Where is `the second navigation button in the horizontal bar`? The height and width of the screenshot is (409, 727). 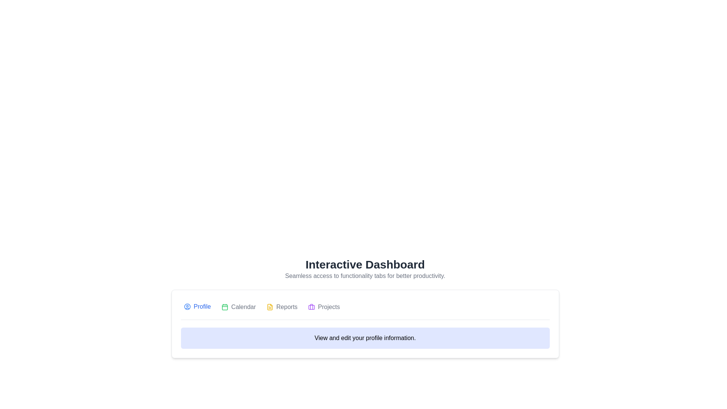
the second navigation button in the horizontal bar is located at coordinates (238, 307).